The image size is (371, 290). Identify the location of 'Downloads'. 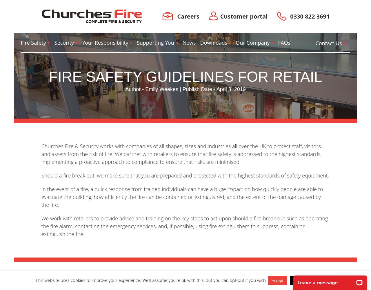
(213, 42).